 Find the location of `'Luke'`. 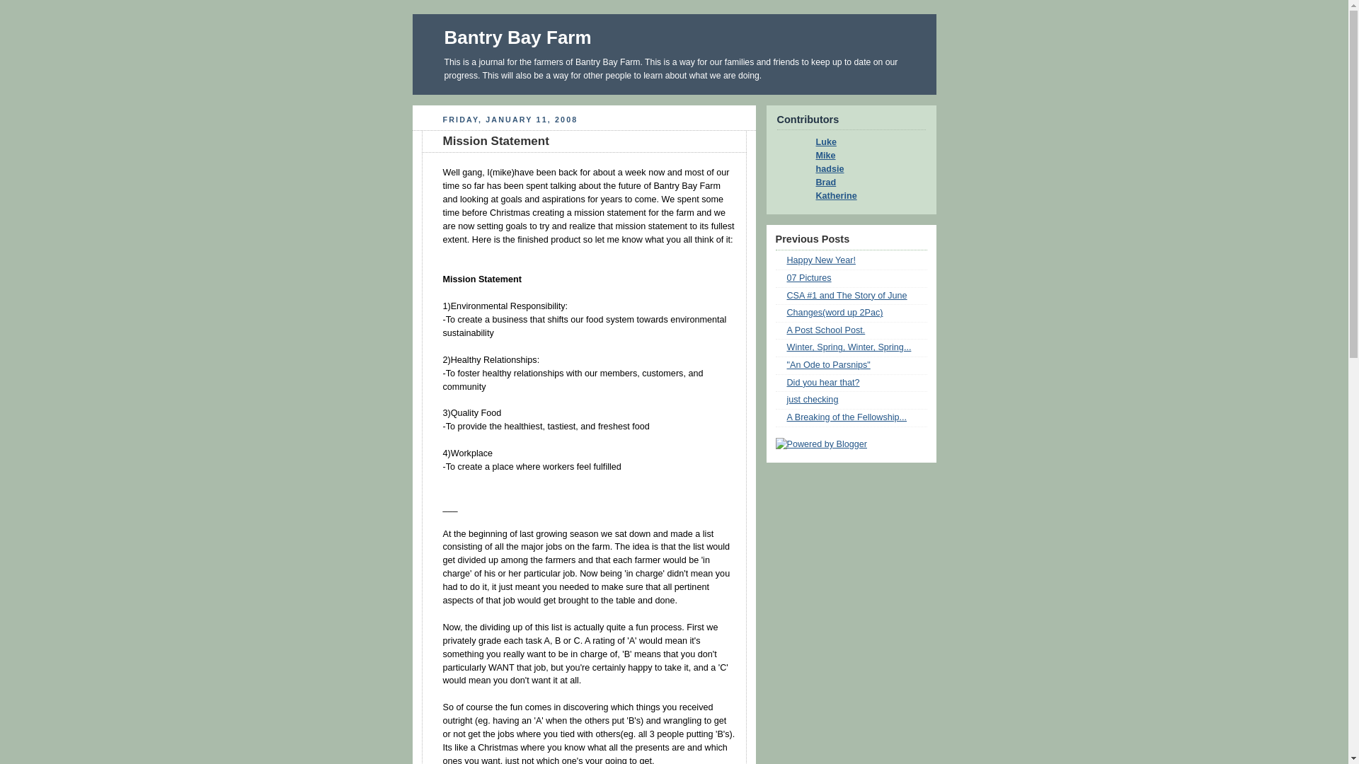

'Luke' is located at coordinates (805, 141).